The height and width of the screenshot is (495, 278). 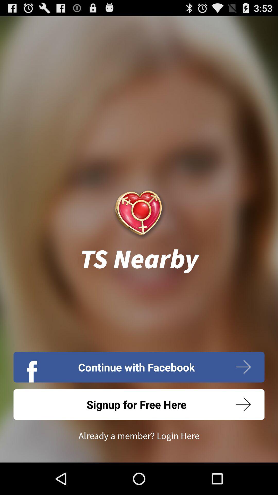 What do you see at coordinates (139, 404) in the screenshot?
I see `the signup for free button` at bounding box center [139, 404].